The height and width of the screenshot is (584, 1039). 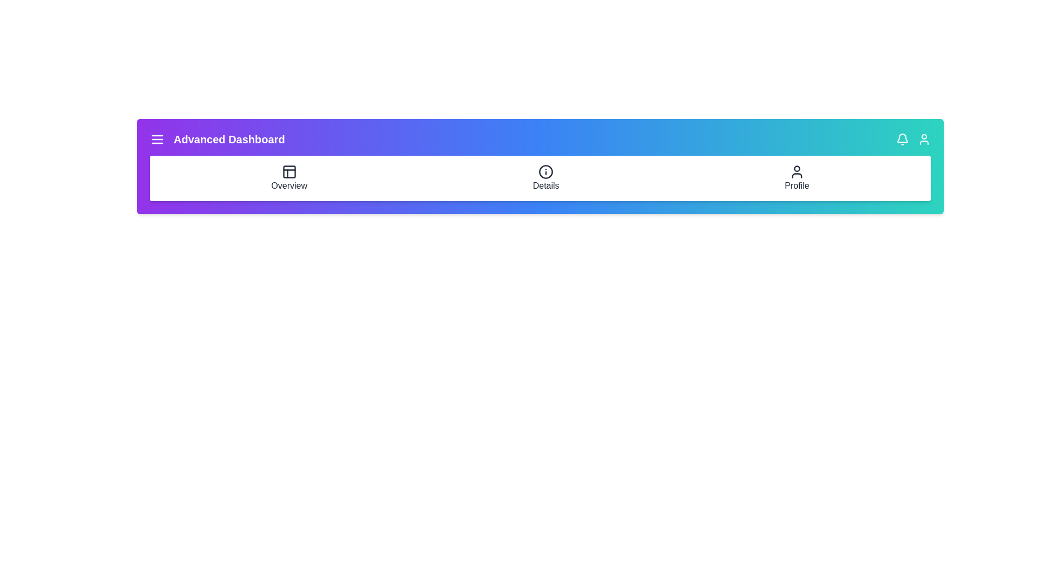 What do you see at coordinates (924, 139) in the screenshot?
I see `the user icon to open profile options` at bounding box center [924, 139].